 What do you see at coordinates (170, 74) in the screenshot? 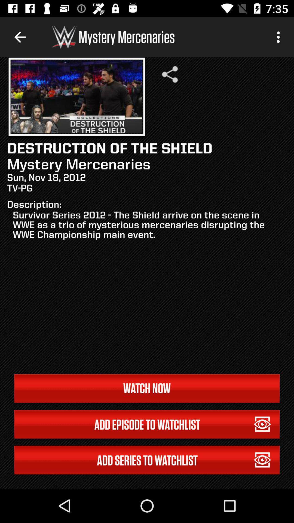
I see `share option` at bounding box center [170, 74].